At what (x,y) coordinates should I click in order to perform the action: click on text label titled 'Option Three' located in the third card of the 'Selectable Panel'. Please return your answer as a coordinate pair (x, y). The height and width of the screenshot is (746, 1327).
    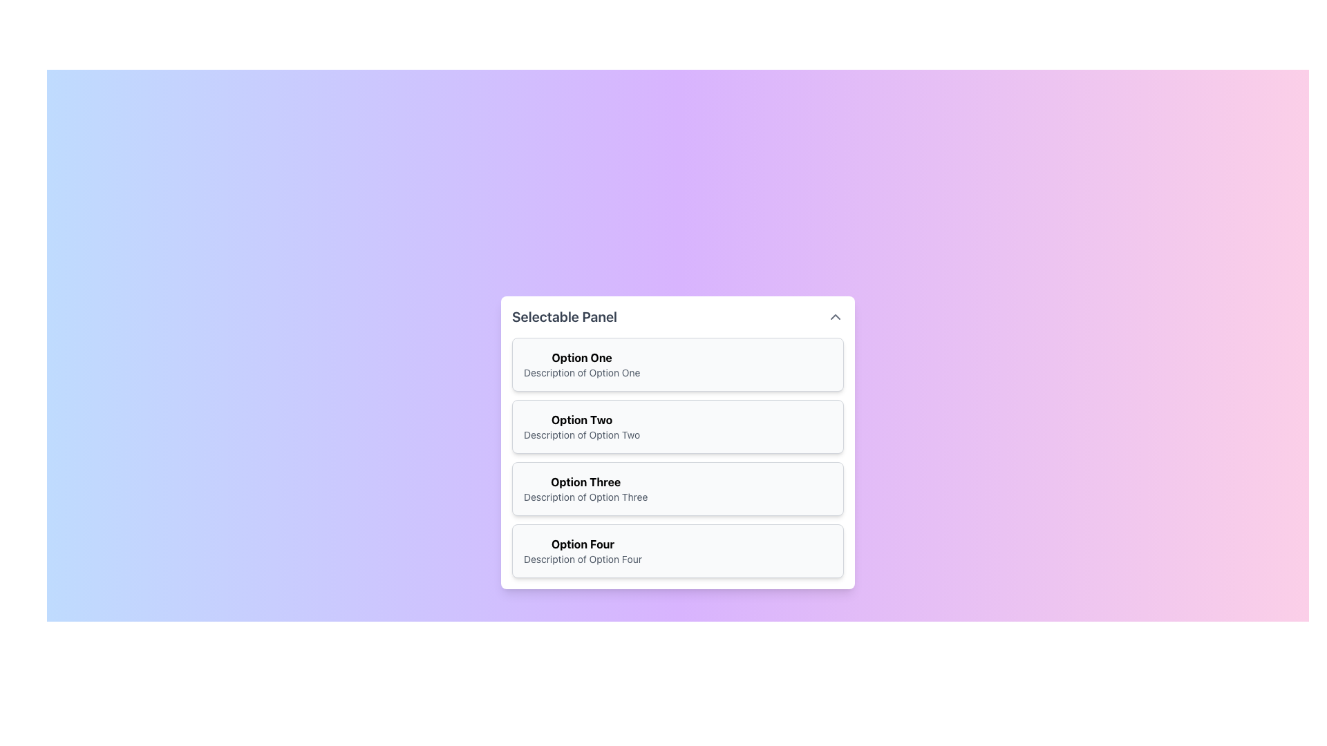
    Looking at the image, I should click on (585, 481).